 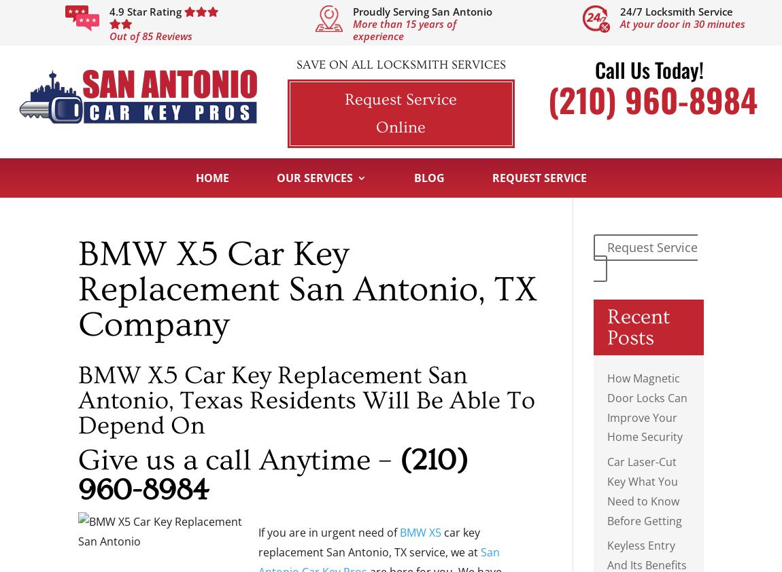 What do you see at coordinates (329, 532) in the screenshot?
I see `'If you are in urgent need of'` at bounding box center [329, 532].